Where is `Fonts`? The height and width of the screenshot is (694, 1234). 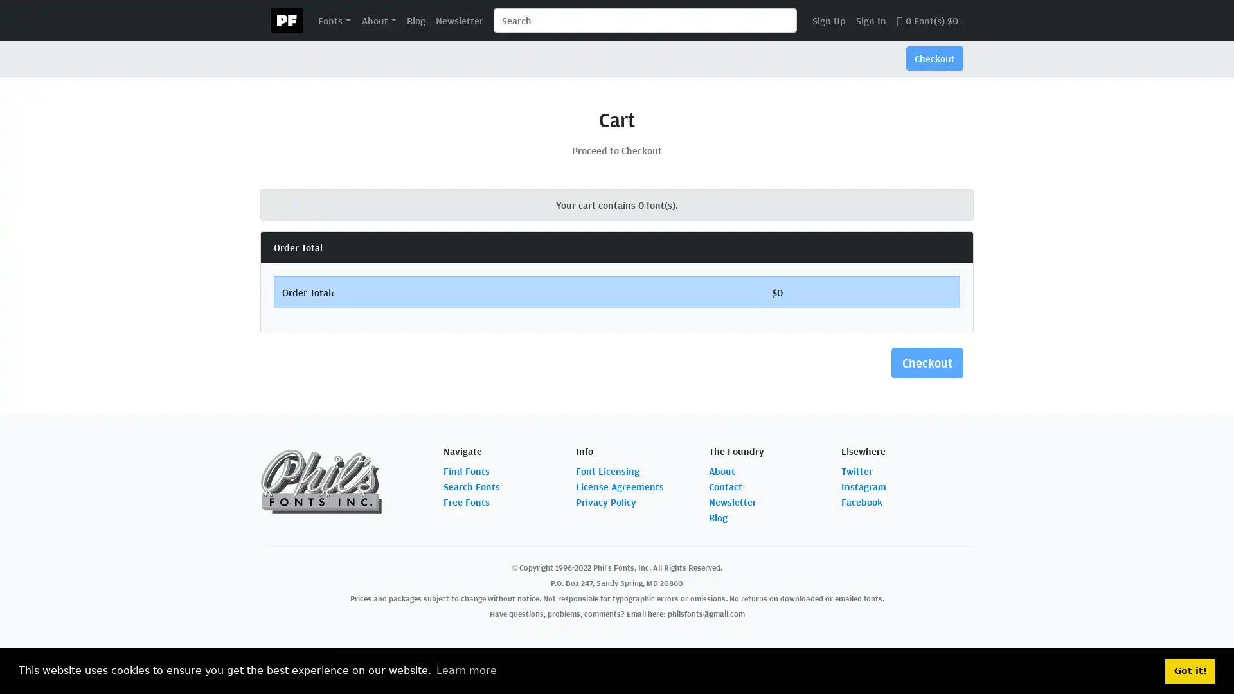 Fonts is located at coordinates (334, 19).